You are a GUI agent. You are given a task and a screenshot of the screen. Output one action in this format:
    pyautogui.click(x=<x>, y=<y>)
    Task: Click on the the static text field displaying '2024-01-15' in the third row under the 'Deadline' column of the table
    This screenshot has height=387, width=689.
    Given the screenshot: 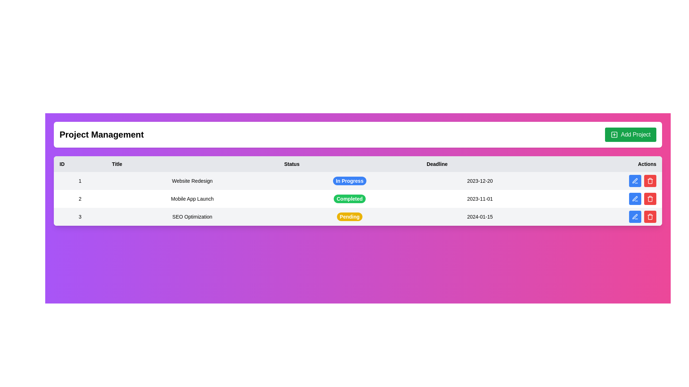 What is the action you would take?
    pyautogui.click(x=480, y=216)
    